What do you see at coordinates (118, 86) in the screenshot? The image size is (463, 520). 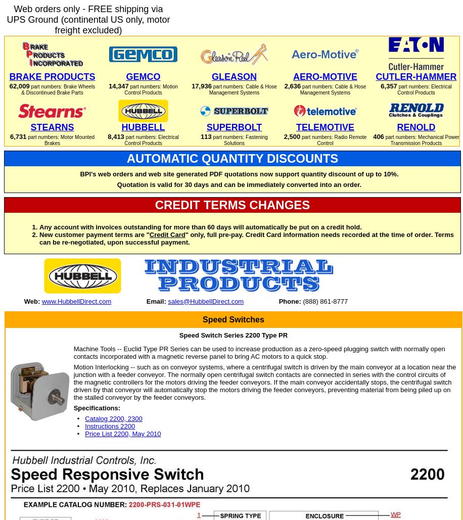 I see `'14,347'` at bounding box center [118, 86].